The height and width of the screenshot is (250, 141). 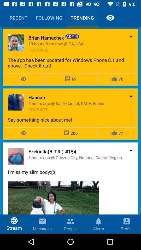 What do you see at coordinates (53, 207) in the screenshot?
I see `the item to the left of the profile icon` at bounding box center [53, 207].